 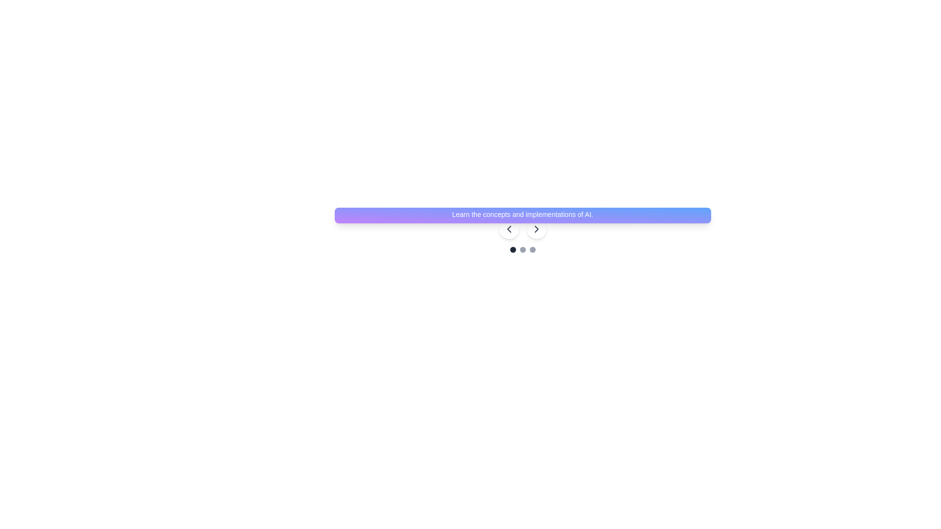 I want to click on the rectangular banner styled with a gradient from purple to blue that features the text 'Learn the concepts and implementations of AI.' centered inside it, so click(x=522, y=215).